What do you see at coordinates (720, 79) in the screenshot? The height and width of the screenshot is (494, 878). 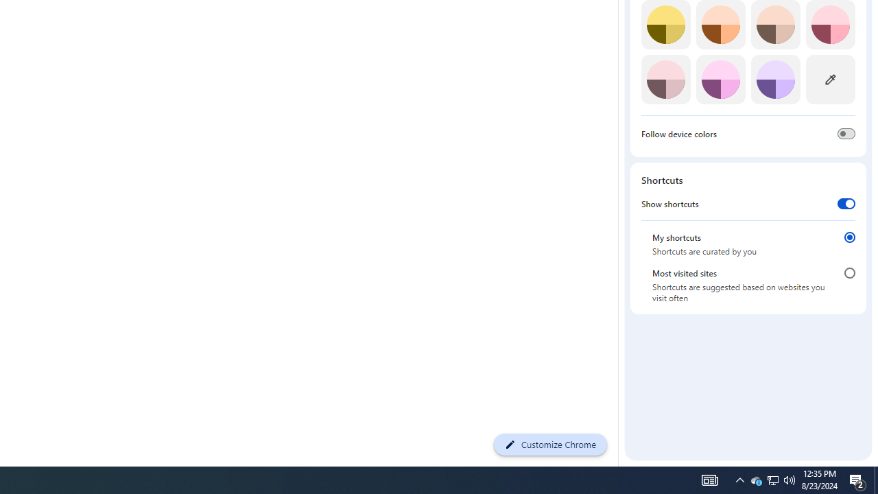 I see `'Fuchsia'` at bounding box center [720, 79].